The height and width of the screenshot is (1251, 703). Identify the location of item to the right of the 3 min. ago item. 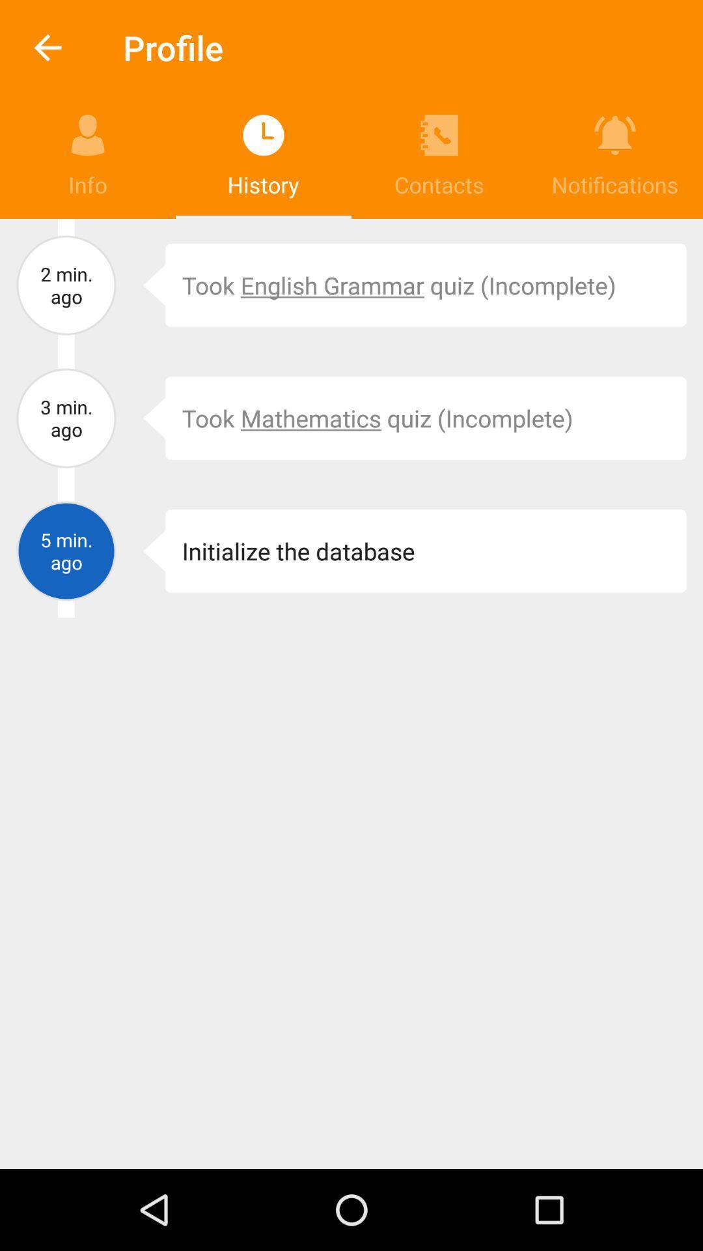
(145, 418).